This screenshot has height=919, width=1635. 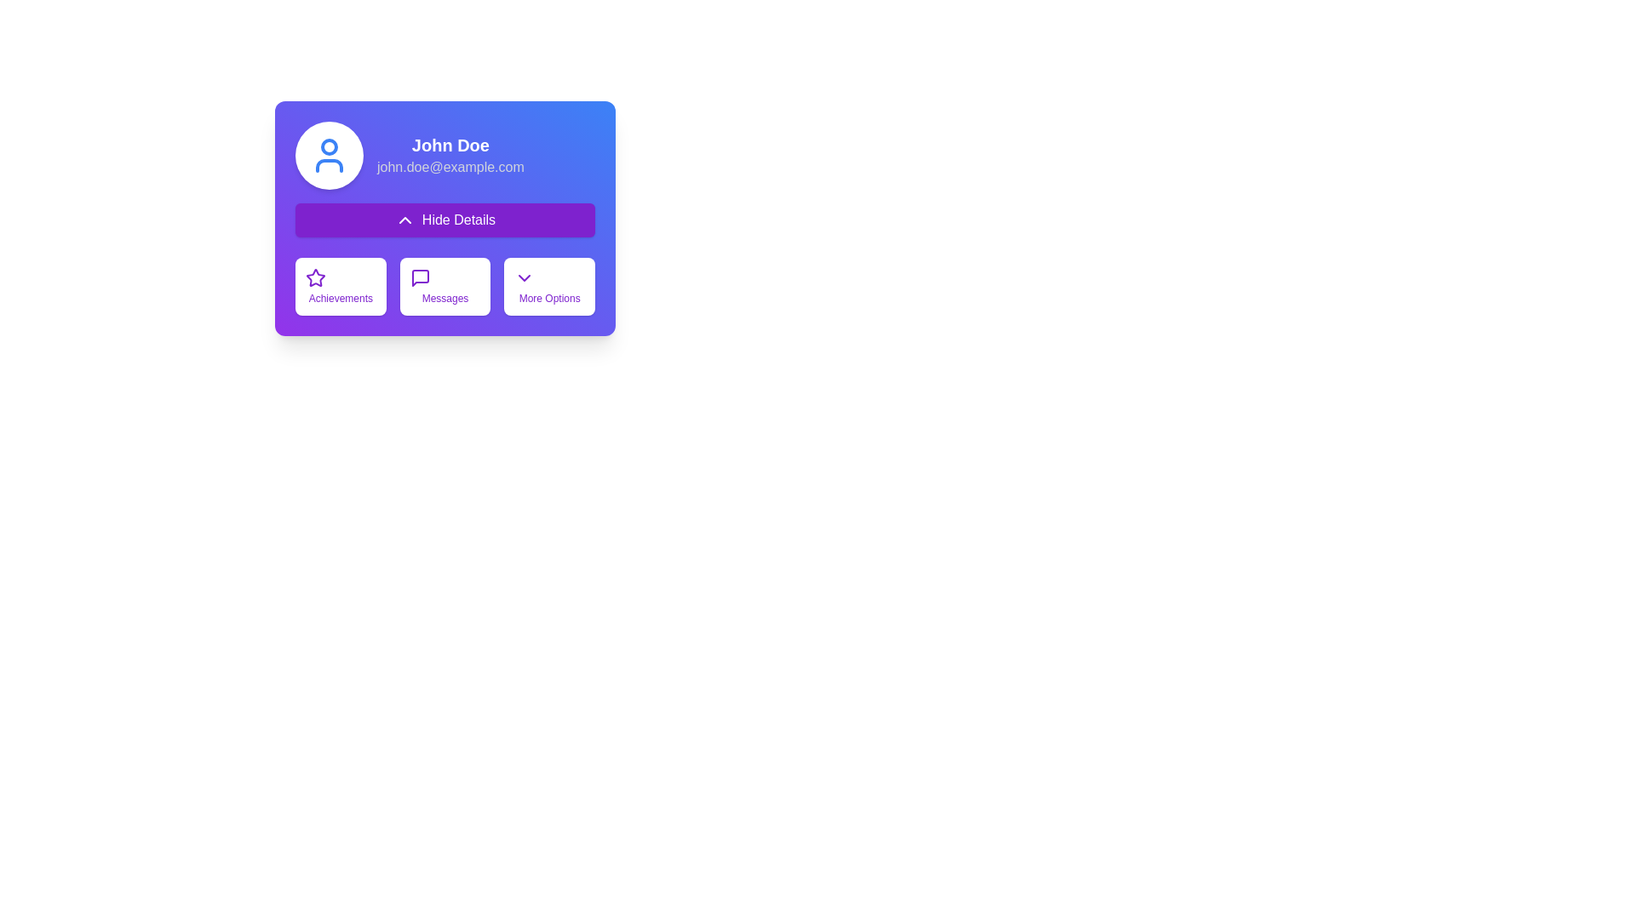 What do you see at coordinates (330, 155) in the screenshot?
I see `the user avatar icon represented by an SVG, which is centered within a circular white background at the top-left of a card` at bounding box center [330, 155].